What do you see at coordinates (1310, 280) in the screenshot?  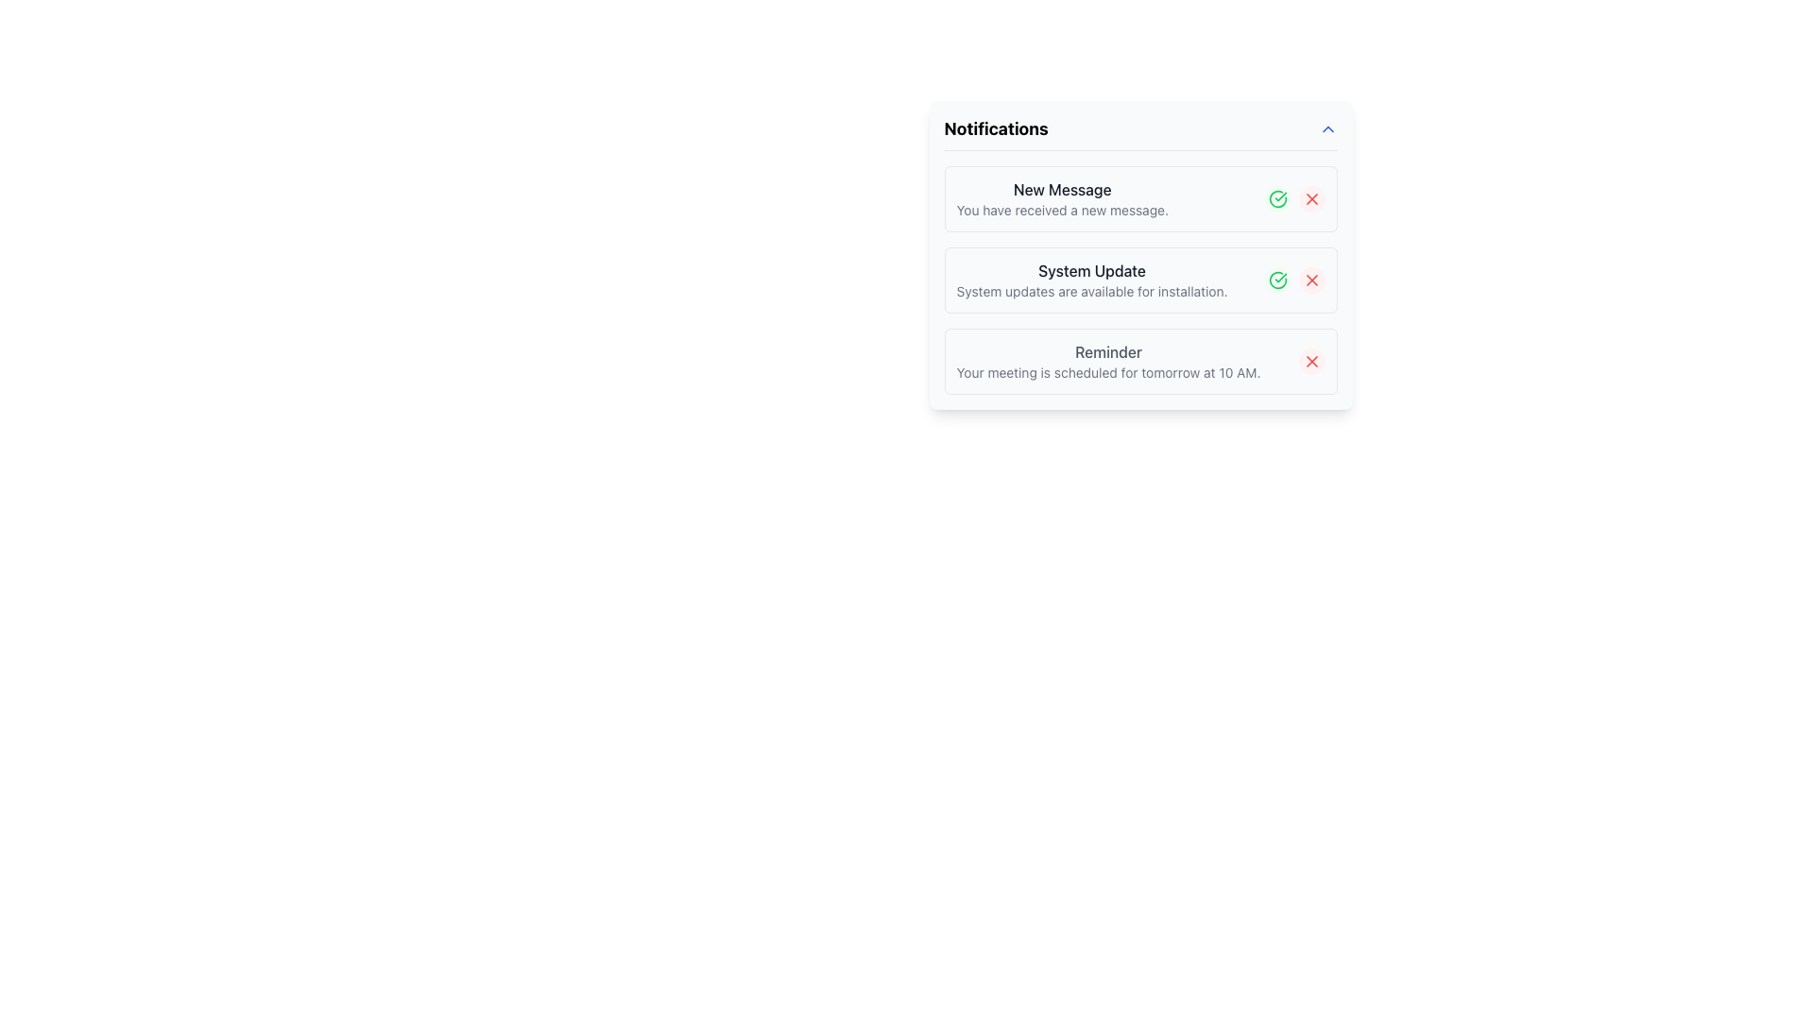 I see `the delete button adjacent to the notification titled 'System Update' for visual feedback` at bounding box center [1310, 280].